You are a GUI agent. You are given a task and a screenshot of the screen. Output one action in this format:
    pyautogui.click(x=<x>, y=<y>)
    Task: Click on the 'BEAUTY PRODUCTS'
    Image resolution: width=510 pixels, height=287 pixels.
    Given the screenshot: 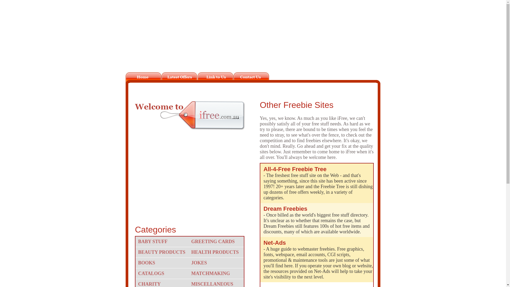 What is the action you would take?
    pyautogui.click(x=163, y=252)
    